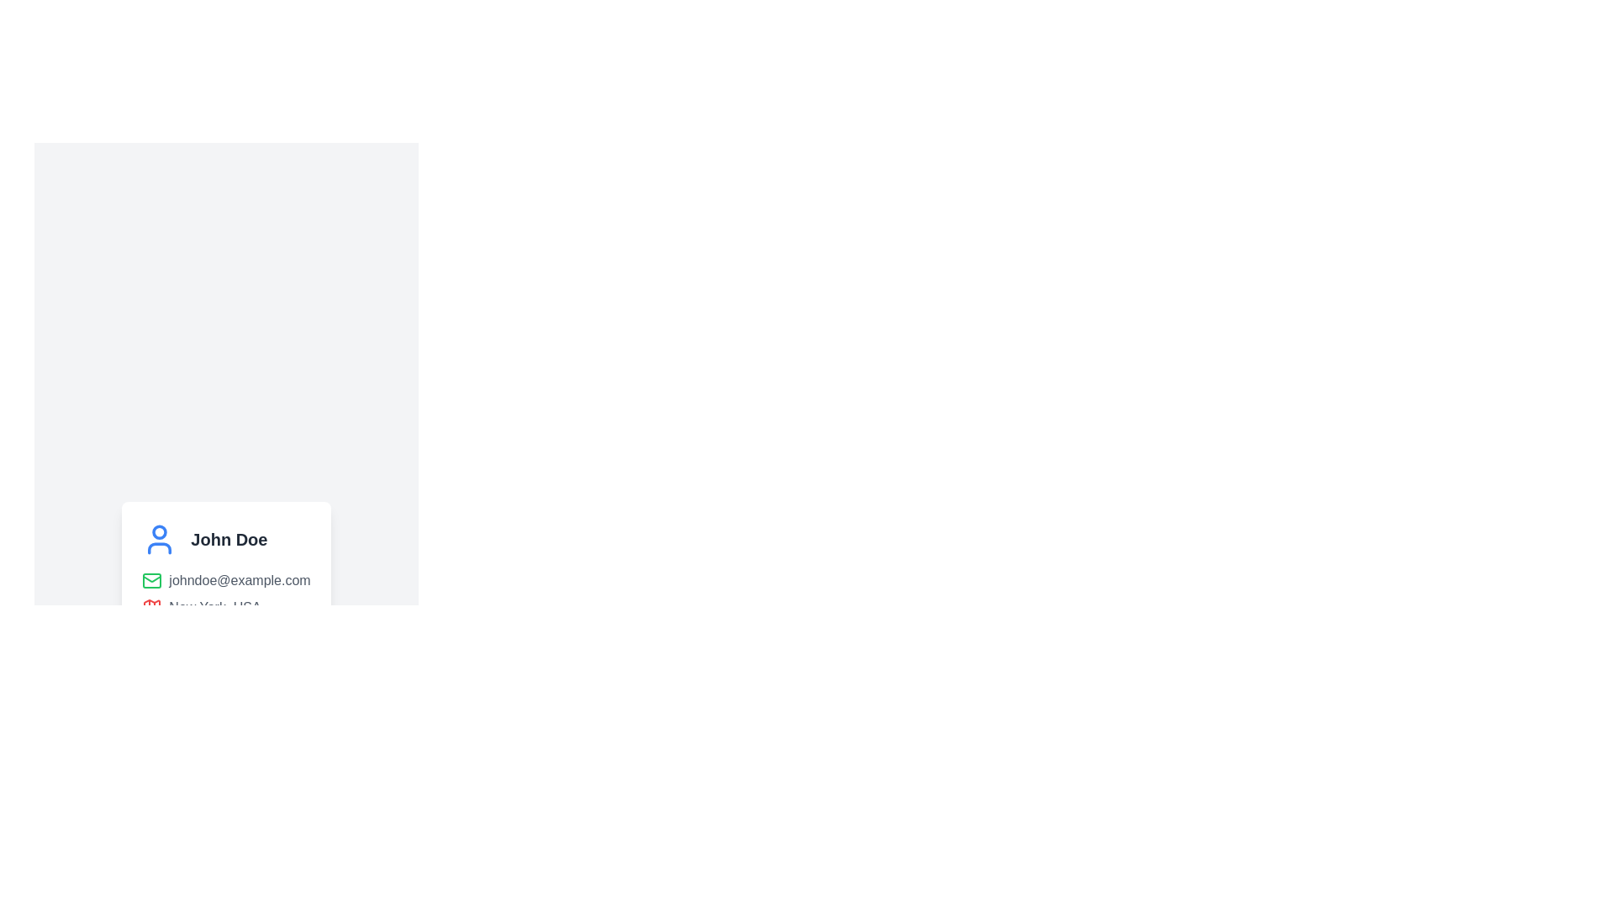 This screenshot has height=908, width=1614. Describe the element at coordinates (152, 579) in the screenshot. I see `the envelope icon, which is a green-colored SVG component located directly to the left of the email address 'johndoe@example.com' within a vertical information card layout` at that location.